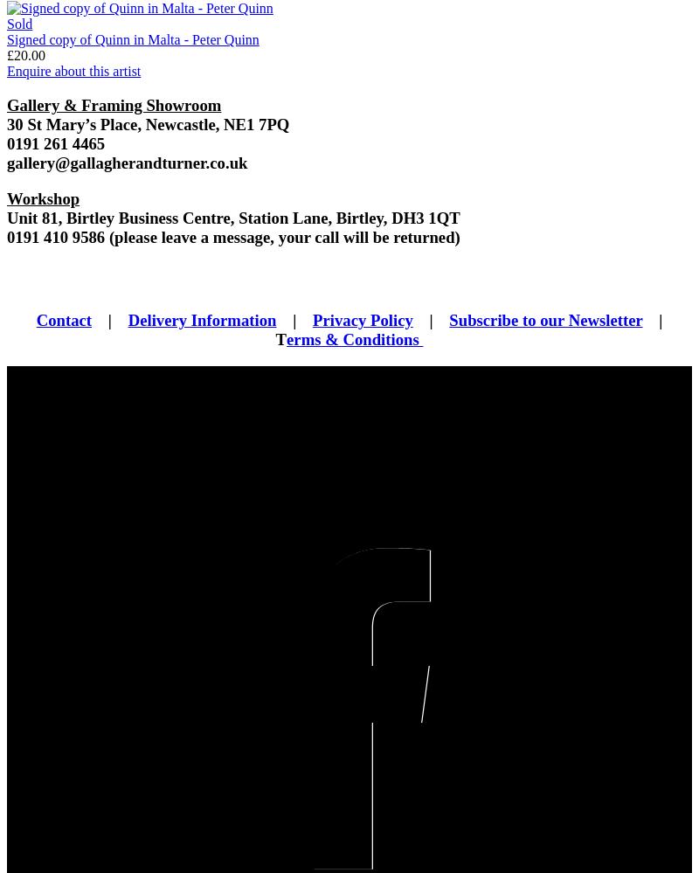 This screenshot has height=873, width=699. Describe the element at coordinates (113, 105) in the screenshot. I see `'Gallery & Framing Showroom'` at that location.